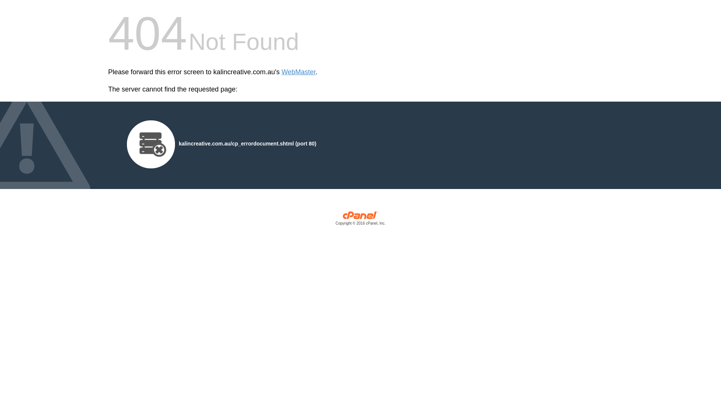 Image resolution: width=721 pixels, height=405 pixels. Describe the element at coordinates (281, 72) in the screenshot. I see `'WebMaster'` at that location.